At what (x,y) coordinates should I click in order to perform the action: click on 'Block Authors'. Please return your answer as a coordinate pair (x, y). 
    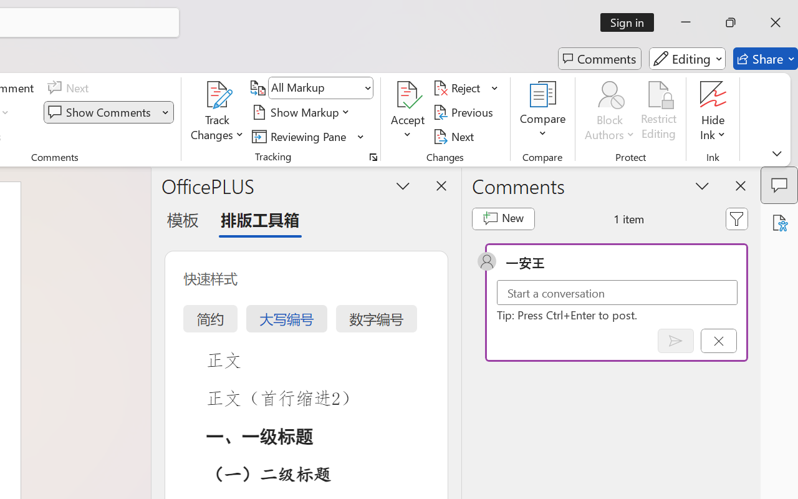
    Looking at the image, I should click on (609, 112).